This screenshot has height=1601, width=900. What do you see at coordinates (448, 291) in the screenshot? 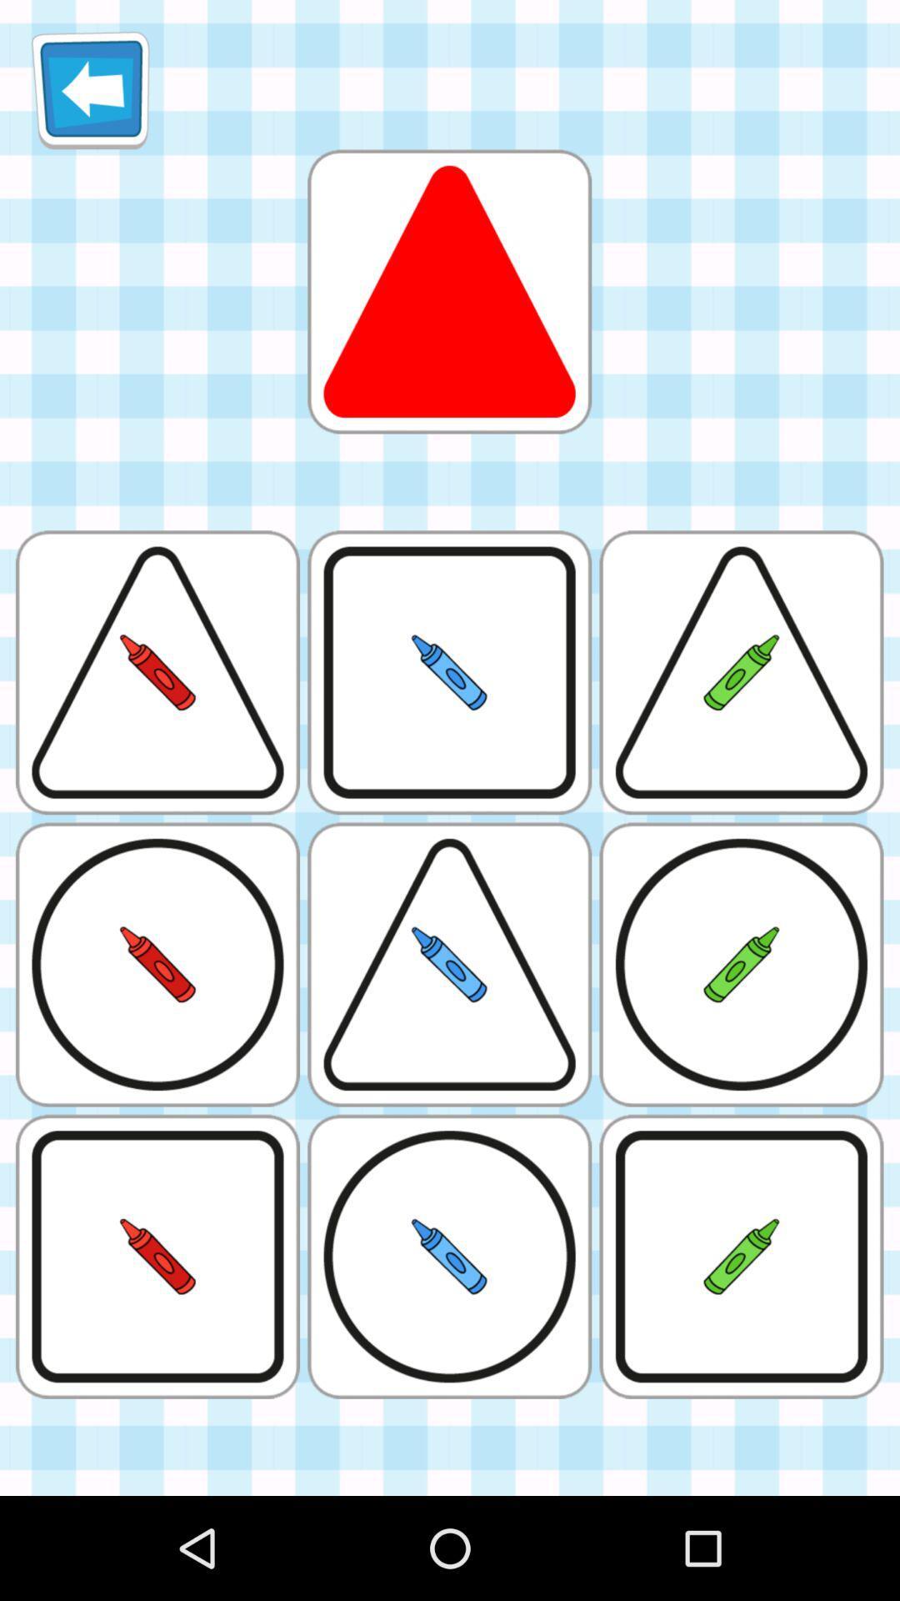
I see `choose the red triangle` at bounding box center [448, 291].